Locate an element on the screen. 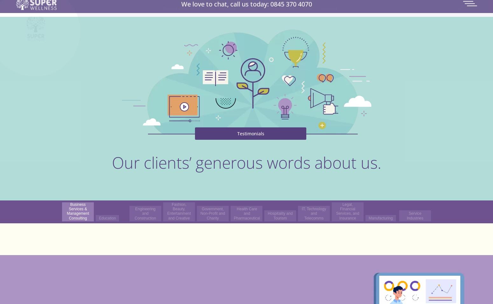  'Legal, Financial Services, and Insurance' is located at coordinates (347, 211).